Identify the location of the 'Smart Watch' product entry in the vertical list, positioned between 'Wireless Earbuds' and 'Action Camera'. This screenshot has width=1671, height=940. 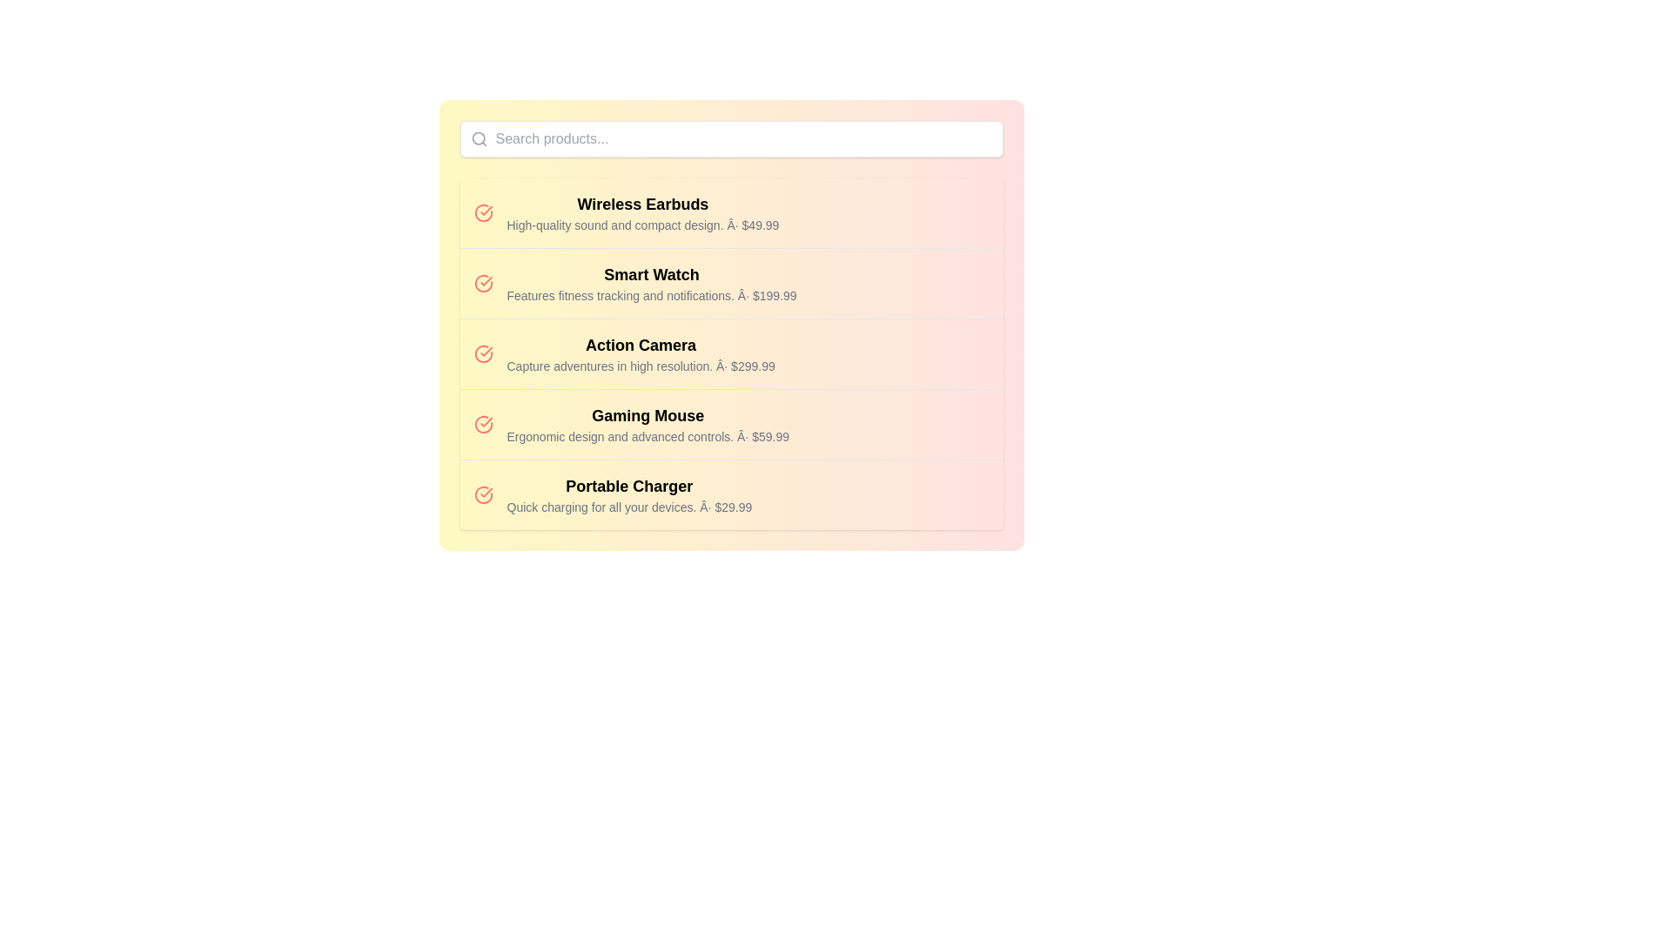
(731, 282).